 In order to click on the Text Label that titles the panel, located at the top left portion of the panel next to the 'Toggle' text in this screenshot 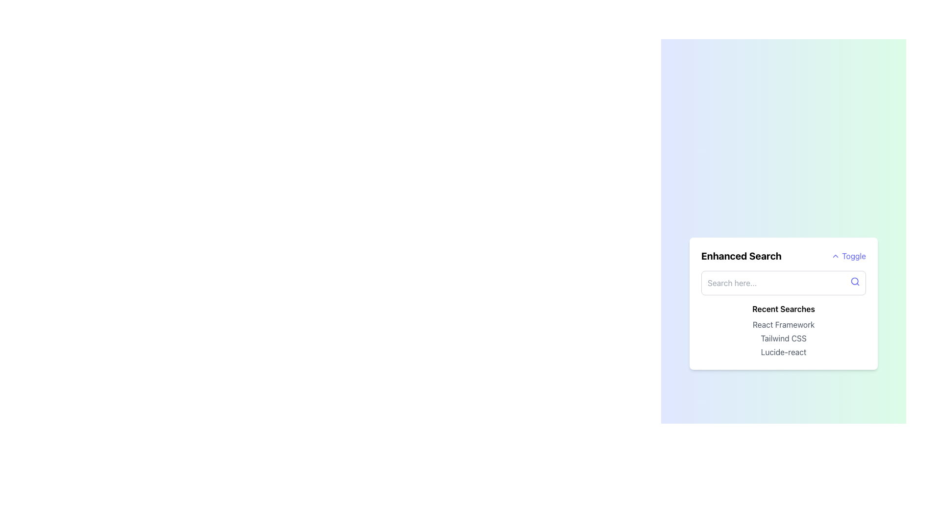, I will do `click(741, 256)`.